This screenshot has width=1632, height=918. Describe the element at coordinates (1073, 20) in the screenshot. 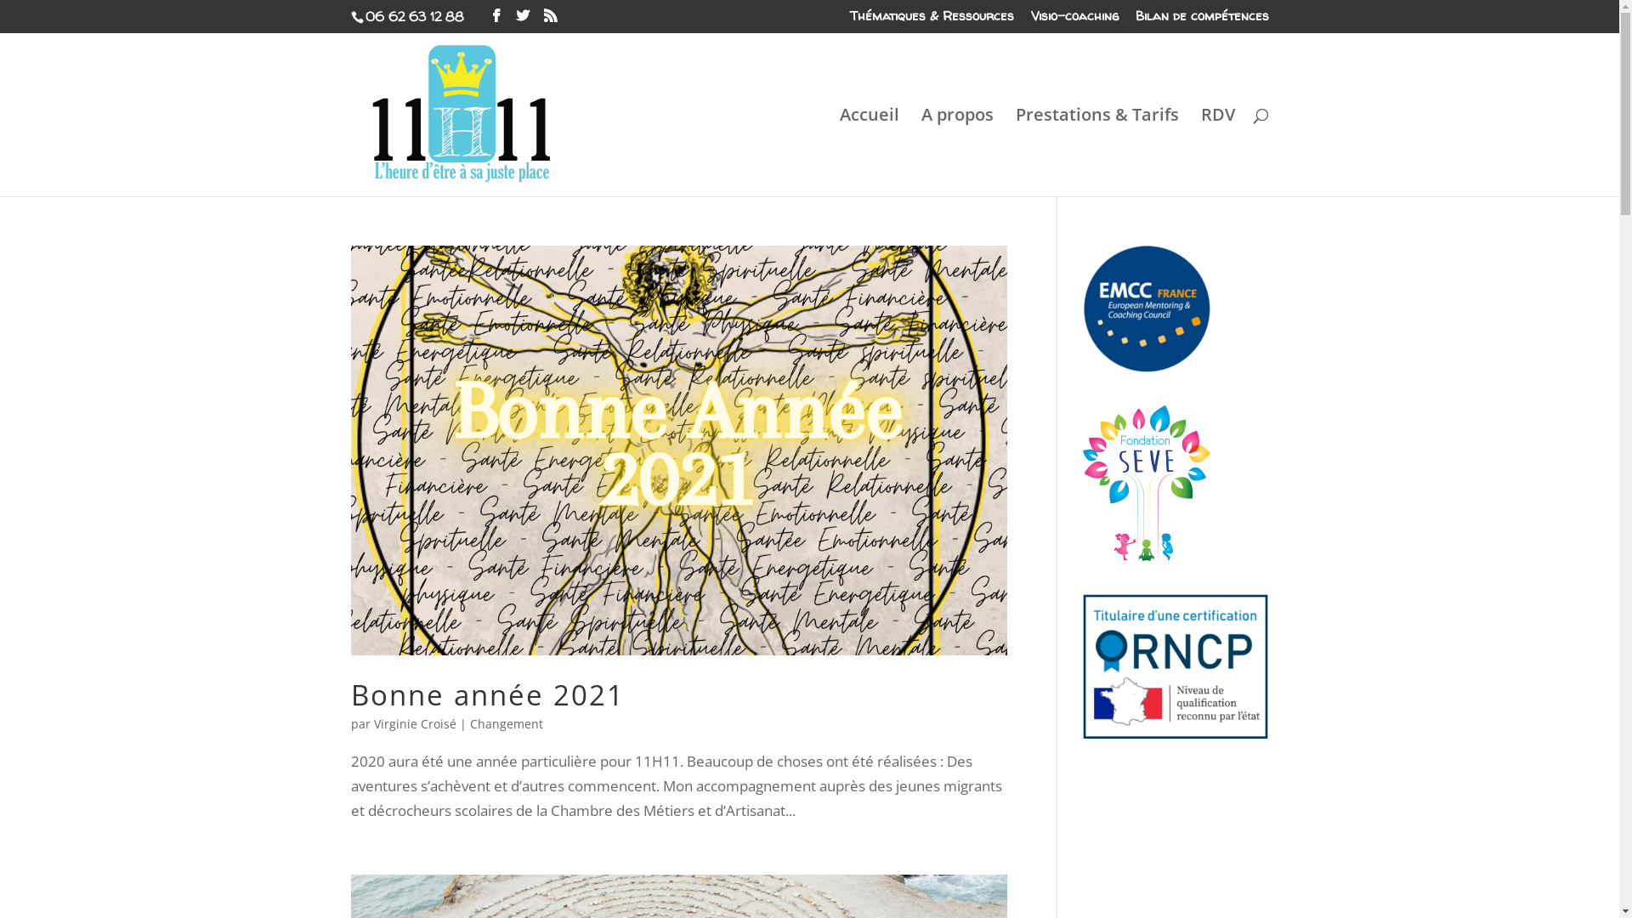

I see `'Visio-coaching'` at that location.